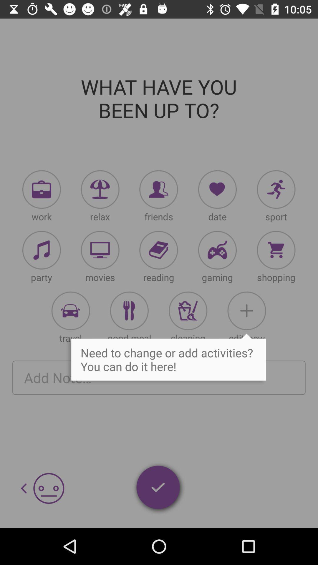 The image size is (318, 565). What do you see at coordinates (70, 310) in the screenshot?
I see `travel` at bounding box center [70, 310].